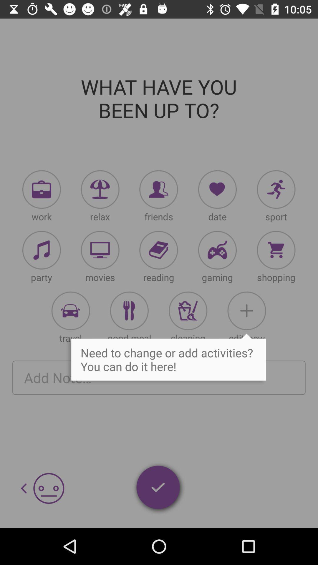 The image size is (318, 565). What do you see at coordinates (70, 310) in the screenshot?
I see `travel` at bounding box center [70, 310].